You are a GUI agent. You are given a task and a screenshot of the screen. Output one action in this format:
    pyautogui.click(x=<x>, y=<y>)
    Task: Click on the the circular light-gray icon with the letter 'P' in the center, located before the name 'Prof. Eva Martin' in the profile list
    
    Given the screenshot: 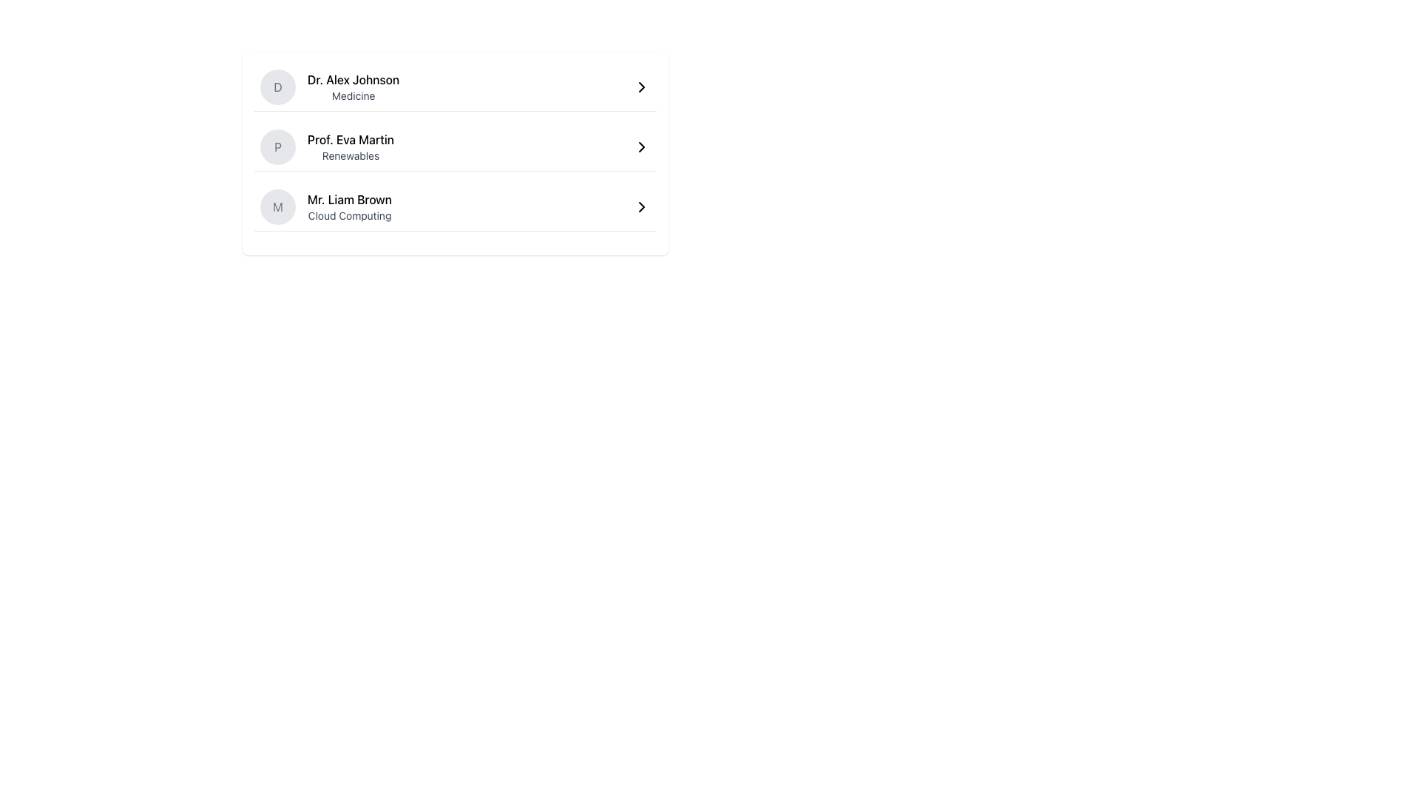 What is the action you would take?
    pyautogui.click(x=277, y=147)
    